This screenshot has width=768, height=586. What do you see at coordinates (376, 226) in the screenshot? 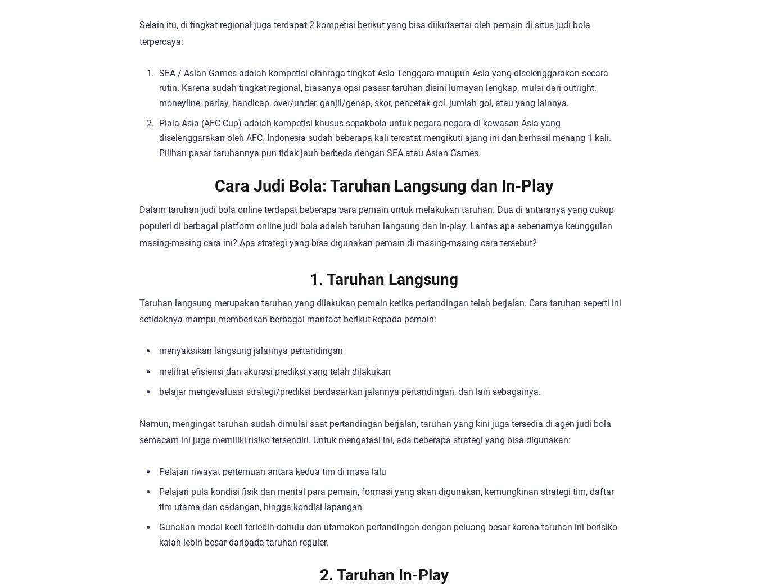
I see `'Dalam taruhan judi bola online terdapat beberapa cara pemain untuk melakukan taruhan. Dua di antaranya yang cukup populerl di berbagai platform online judi bola adalah taruhan langsung dan in-play. Lantas apa sebenarnya keunggulan masing-masing cara ini? Apa strategi yang bisa digunakan pemain di masing-masing cara tersebut?'` at bounding box center [376, 226].